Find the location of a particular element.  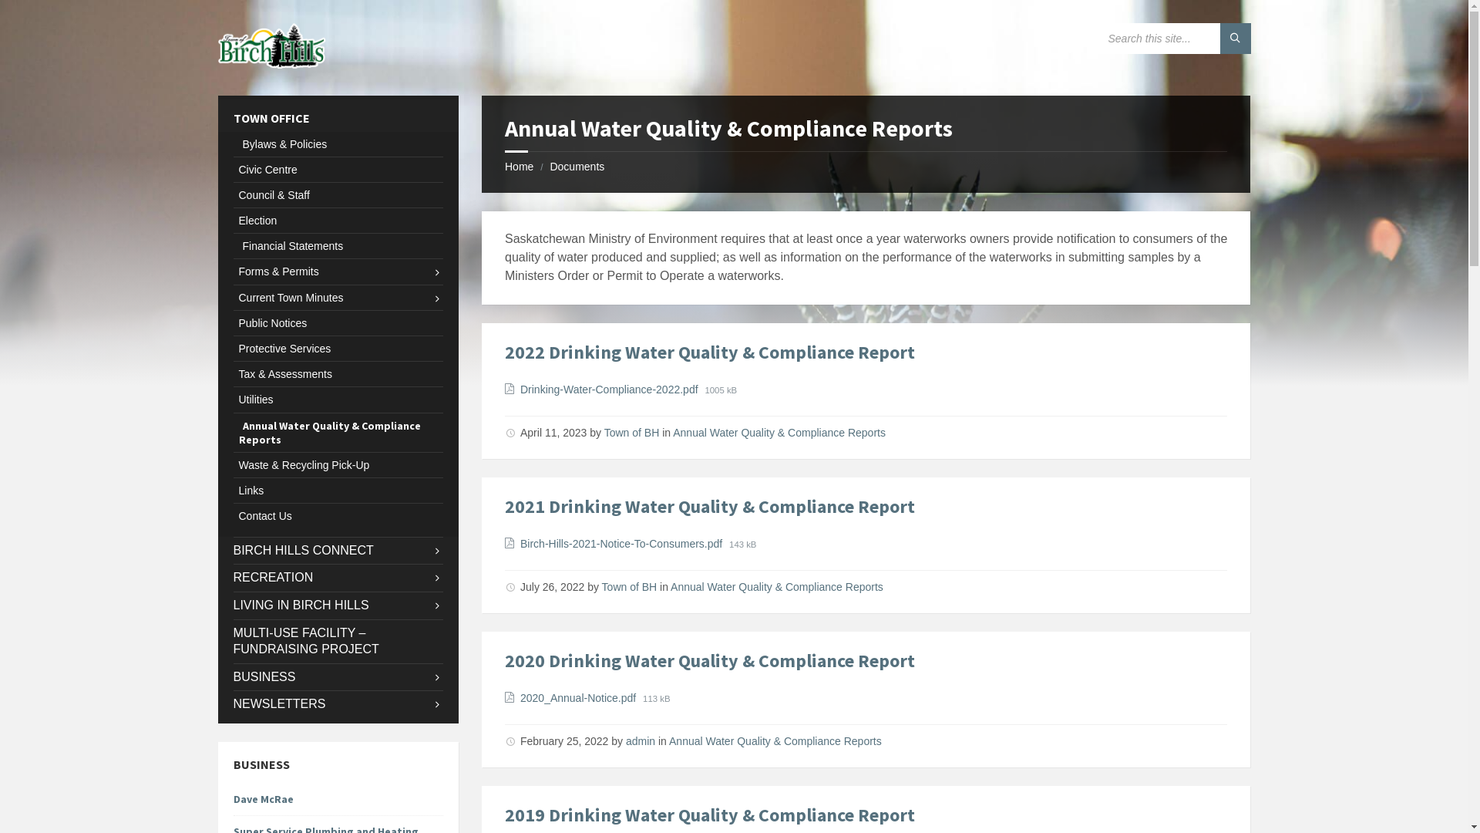

'LIVING IN BIRCH HILLS' is located at coordinates (232, 605).